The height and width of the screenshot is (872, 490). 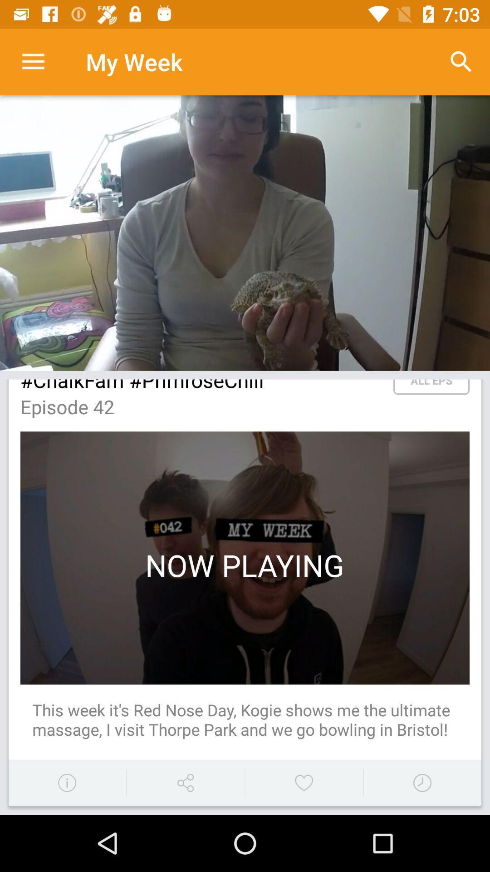 What do you see at coordinates (245, 557) in the screenshot?
I see `the second image of the page` at bounding box center [245, 557].